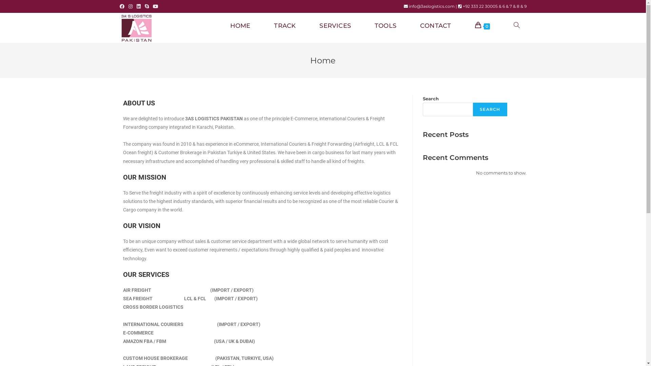 Image resolution: width=651 pixels, height=366 pixels. I want to click on 'TOOLS', so click(386, 25).